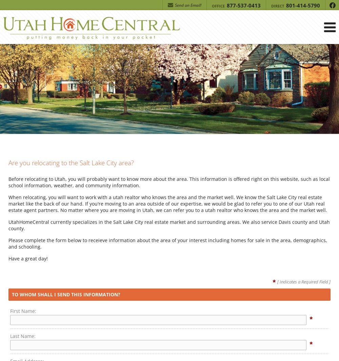 Image resolution: width=339 pixels, height=361 pixels. What do you see at coordinates (302, 5) in the screenshot?
I see `'801-414-5790'` at bounding box center [302, 5].